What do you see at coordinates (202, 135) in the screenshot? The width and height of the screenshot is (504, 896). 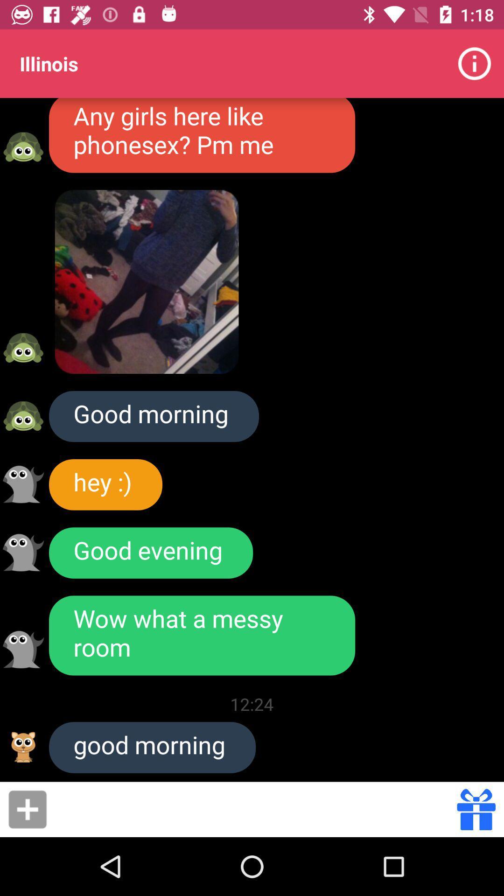 I see `the icon below the illinois  icon` at bounding box center [202, 135].